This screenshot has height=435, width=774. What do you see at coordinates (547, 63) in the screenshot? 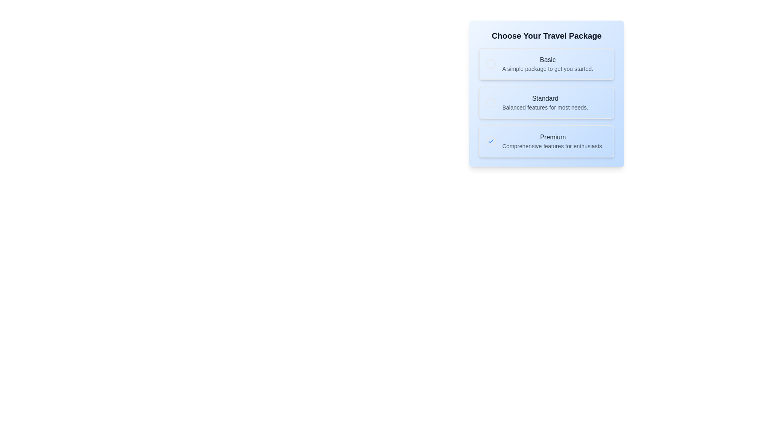
I see `text label displaying 'Basic' which is the first item in the list of package options under the card titled 'Choose Your Travel Package'` at bounding box center [547, 63].